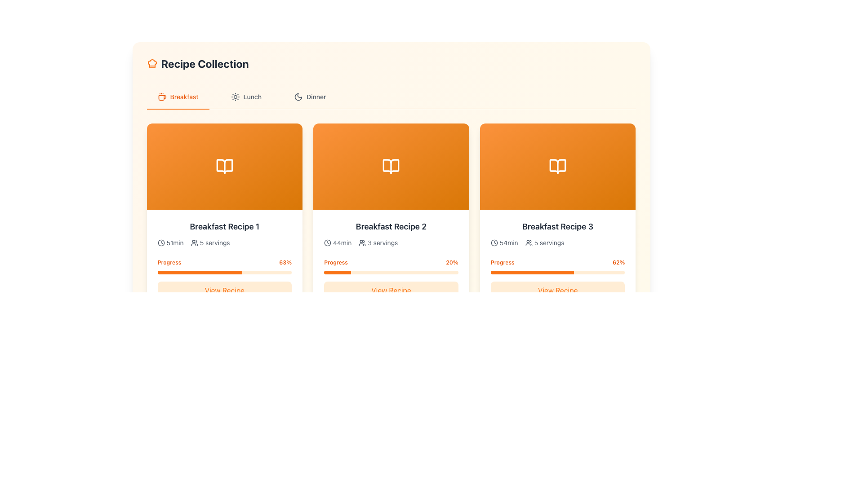 The height and width of the screenshot is (485, 863). I want to click on informative text showing preparation time (54 minutes) and servings (5) for the 'Breakfast Recipe 3' element located above the 'Progress 62%' text, so click(557, 242).